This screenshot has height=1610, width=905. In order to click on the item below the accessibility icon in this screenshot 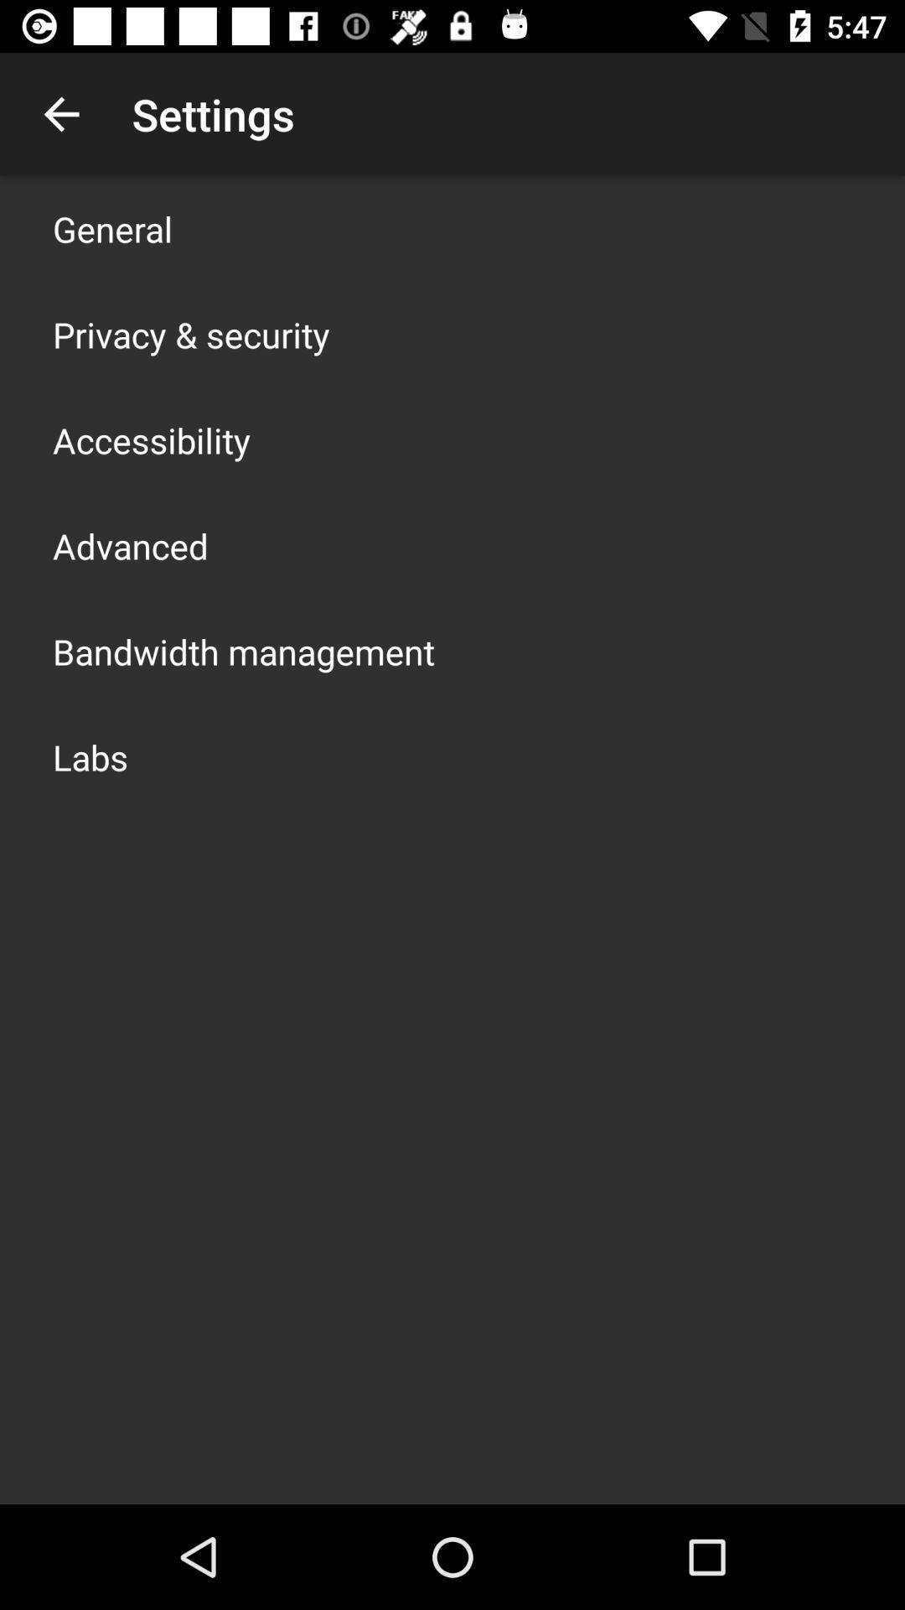, I will do `click(129, 546)`.